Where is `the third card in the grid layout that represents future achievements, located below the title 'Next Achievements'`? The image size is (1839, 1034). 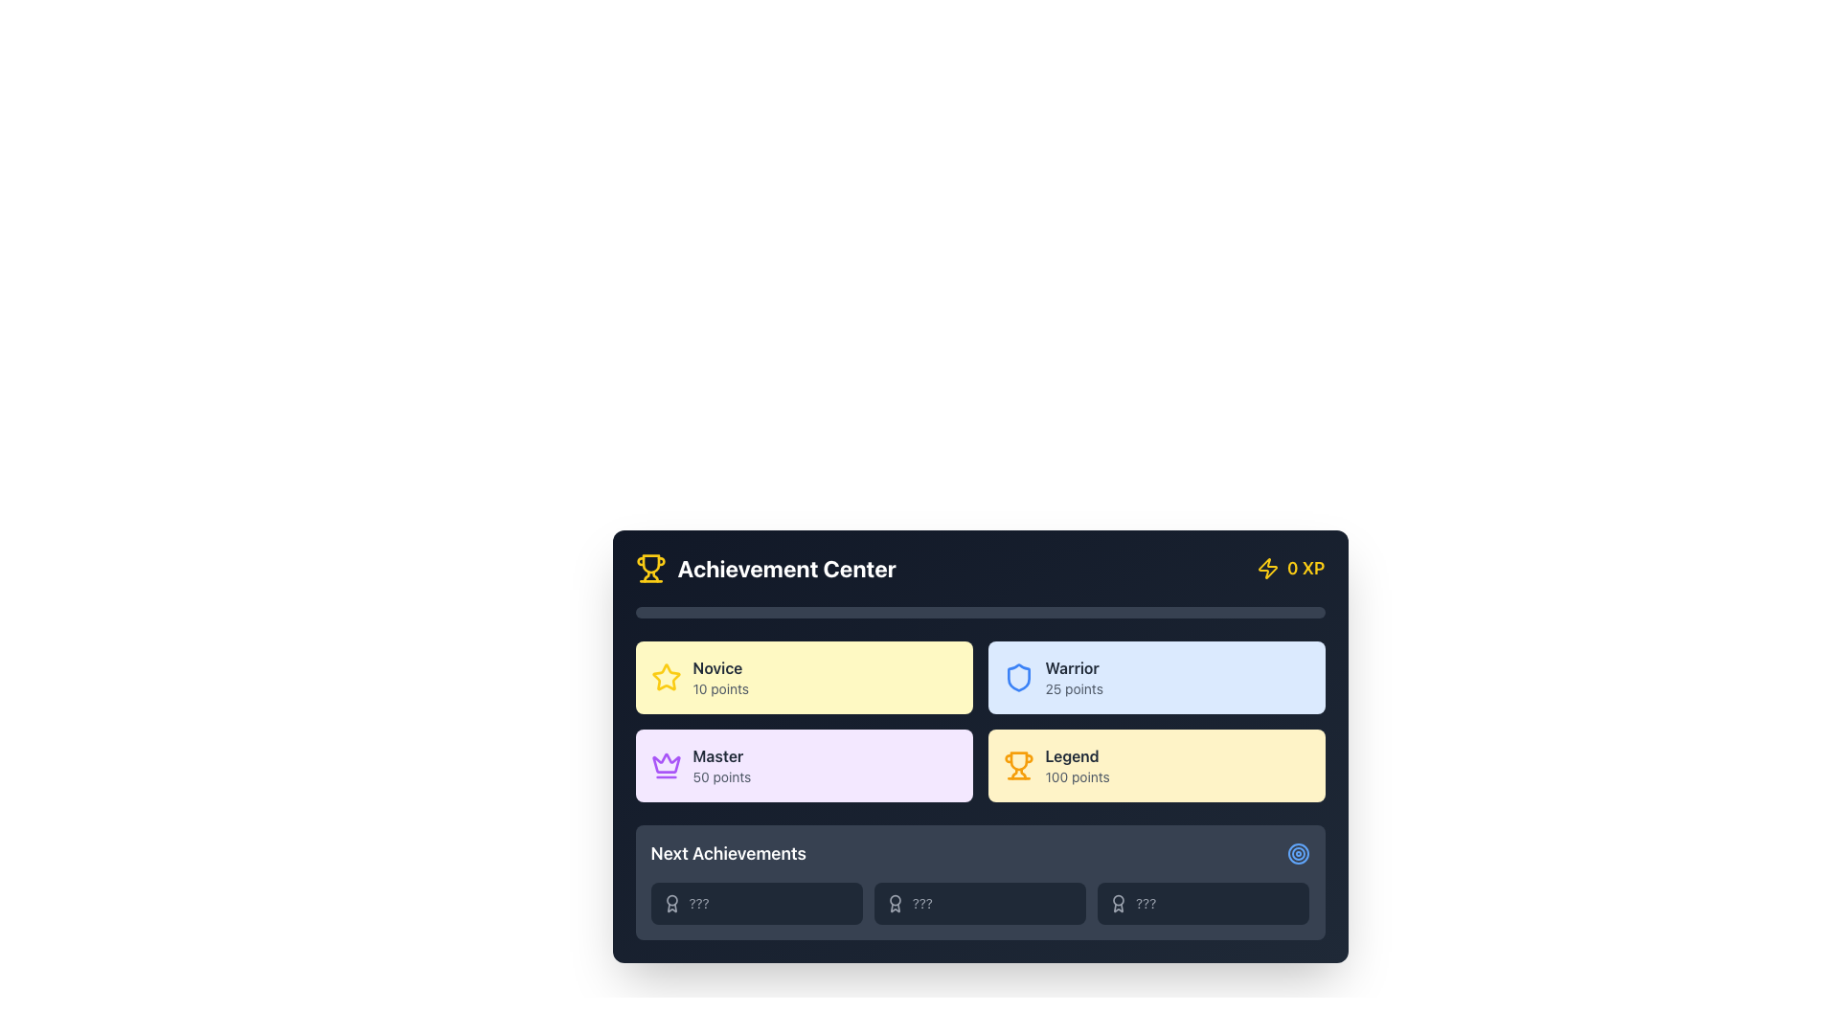
the third card in the grid layout that represents future achievements, located below the title 'Next Achievements' is located at coordinates (1202, 904).